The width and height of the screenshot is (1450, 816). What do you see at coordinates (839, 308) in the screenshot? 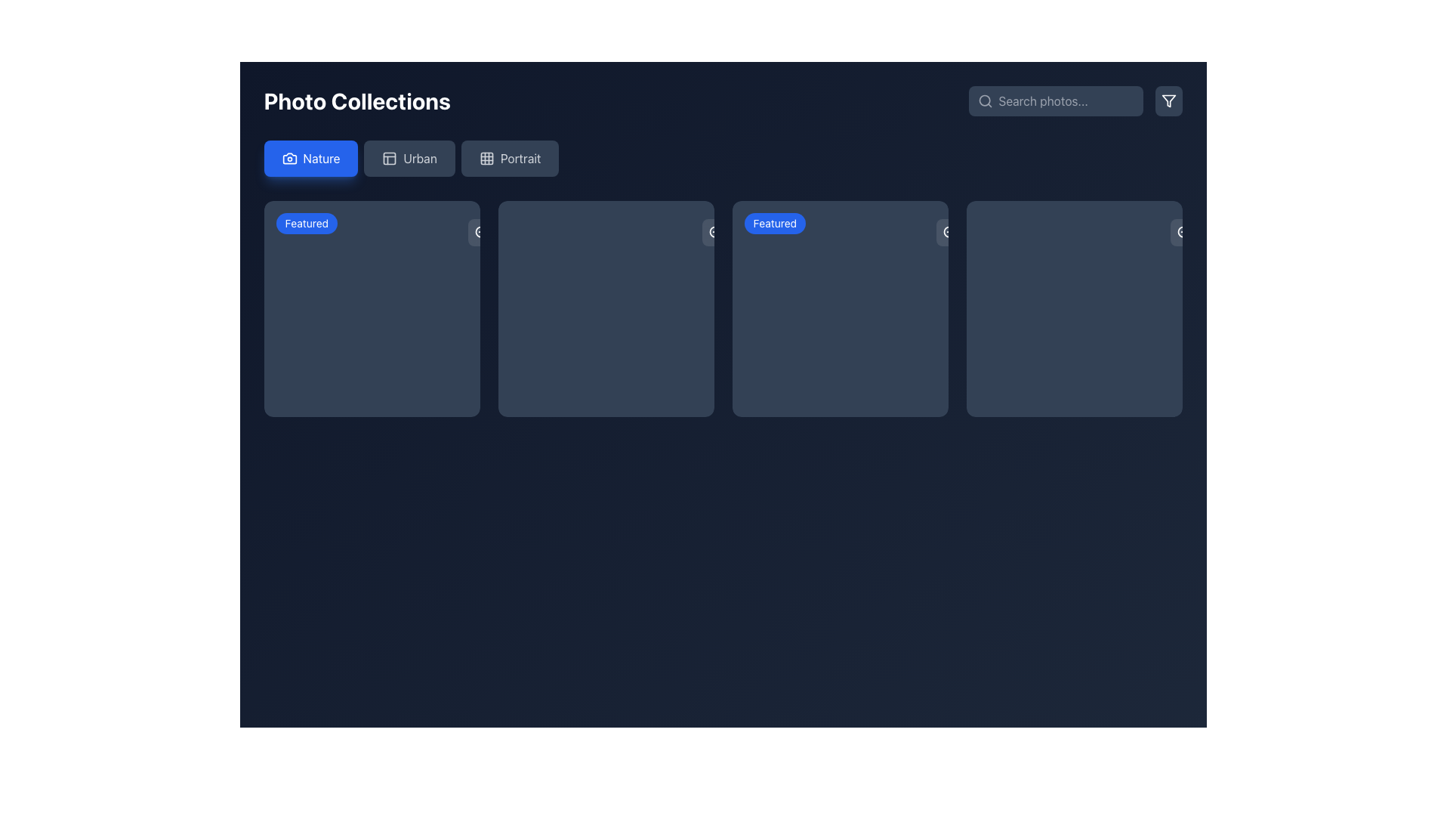
I see `the rectangular card with rounded corners and a dark background, labeled 'Featured'` at bounding box center [839, 308].